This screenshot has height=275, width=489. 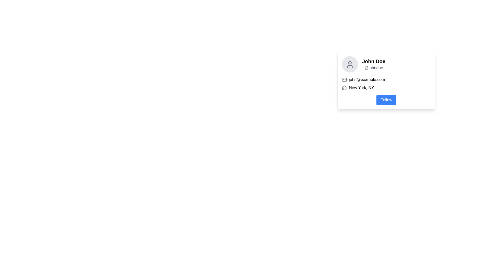 I want to click on text block containing the email address 'john@example.com' and location 'New York, NY', which is located below the profile name and username section and above the 'Follow' button, so click(x=386, y=83).